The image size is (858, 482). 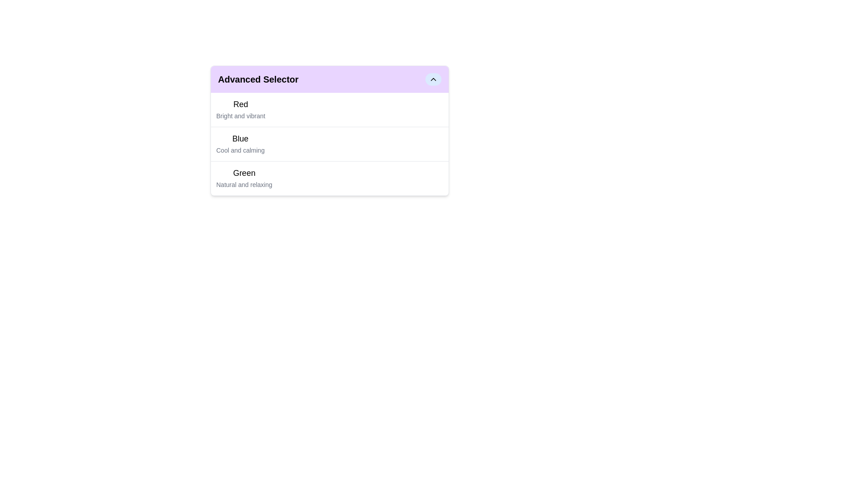 What do you see at coordinates (329, 109) in the screenshot?
I see `the first selectable item in the menu labeled 'Red'` at bounding box center [329, 109].